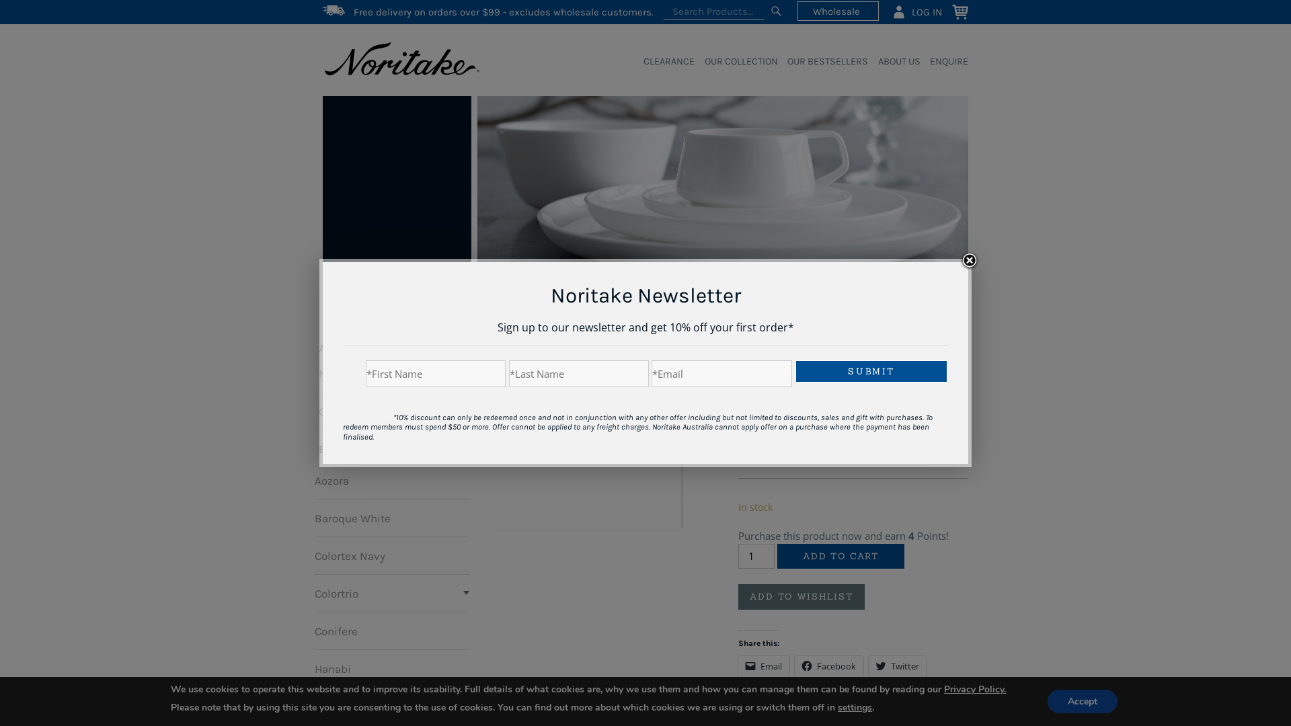  I want to click on 'Twitter', so click(897, 666).